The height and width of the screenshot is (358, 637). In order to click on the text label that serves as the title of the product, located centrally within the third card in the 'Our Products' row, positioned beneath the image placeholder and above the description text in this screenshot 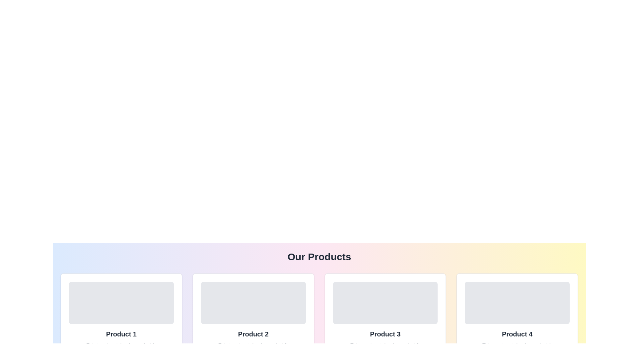, I will do `click(385, 334)`.